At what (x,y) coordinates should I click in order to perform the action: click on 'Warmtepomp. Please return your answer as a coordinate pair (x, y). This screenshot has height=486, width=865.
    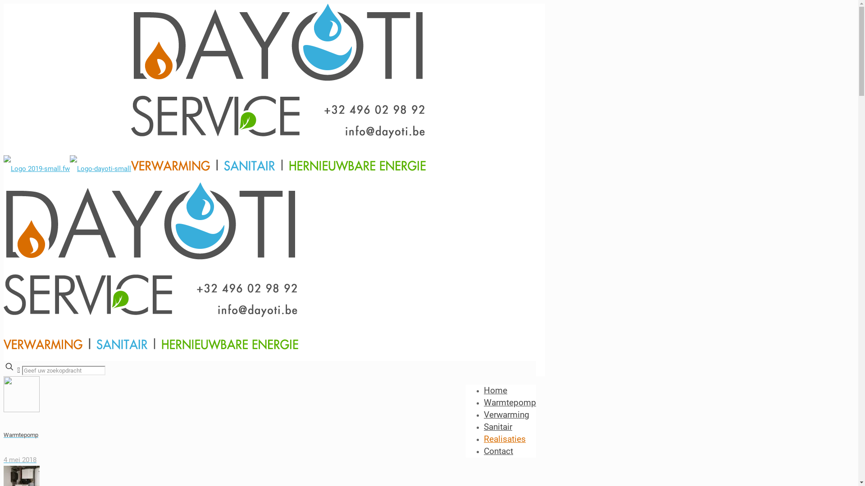
    Looking at the image, I should click on (274, 421).